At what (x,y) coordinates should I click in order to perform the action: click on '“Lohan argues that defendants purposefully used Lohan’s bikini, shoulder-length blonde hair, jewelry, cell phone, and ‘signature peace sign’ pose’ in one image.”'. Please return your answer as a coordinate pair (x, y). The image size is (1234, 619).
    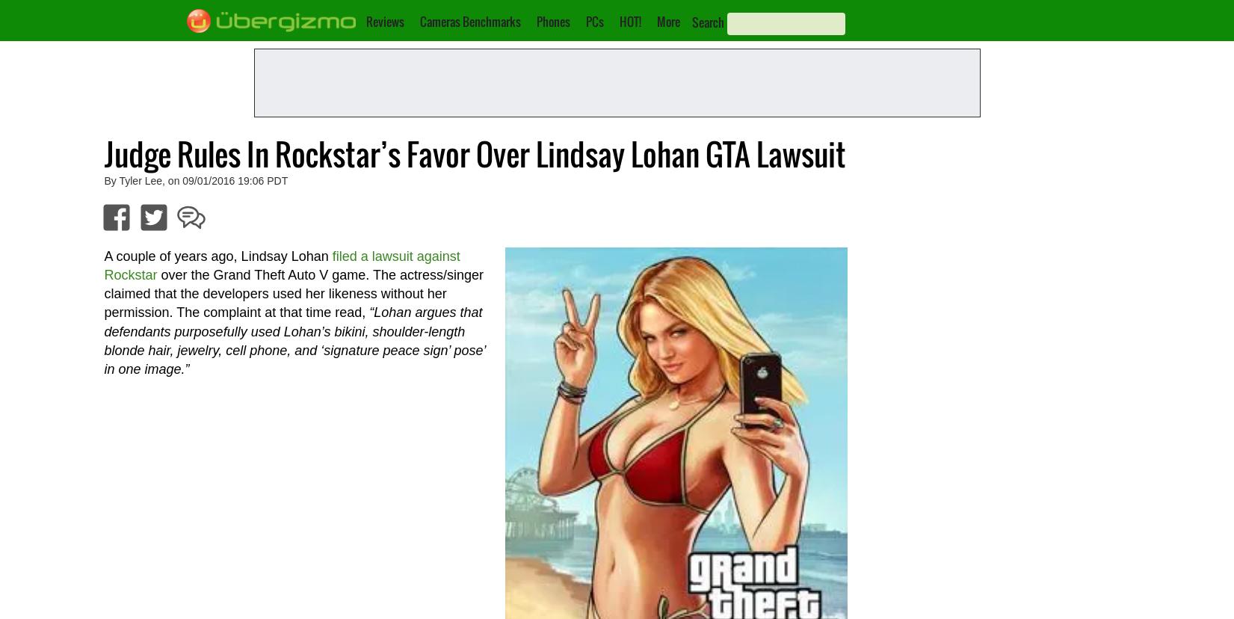
    Looking at the image, I should click on (294, 339).